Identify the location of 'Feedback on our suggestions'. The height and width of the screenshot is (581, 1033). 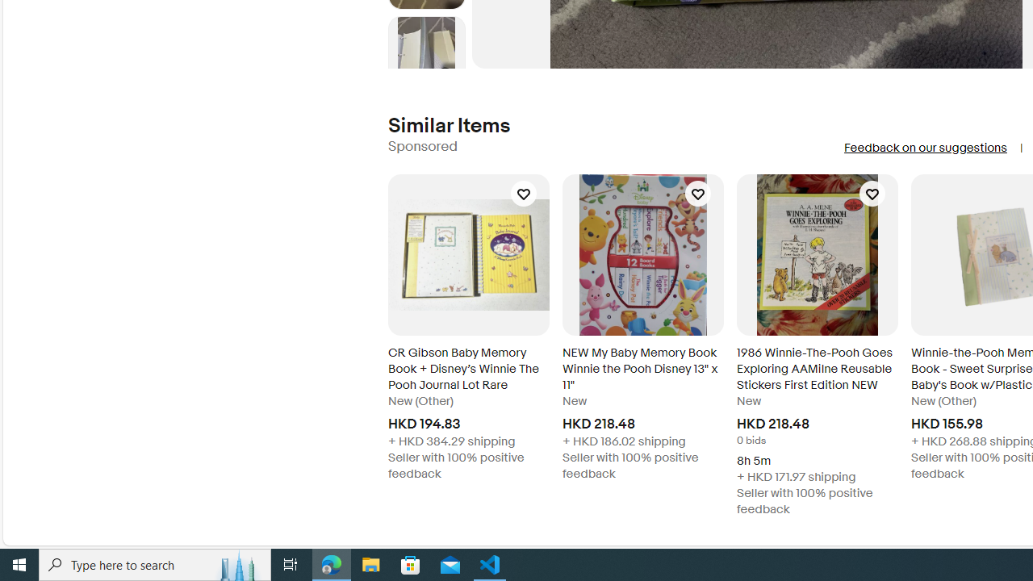
(925, 148).